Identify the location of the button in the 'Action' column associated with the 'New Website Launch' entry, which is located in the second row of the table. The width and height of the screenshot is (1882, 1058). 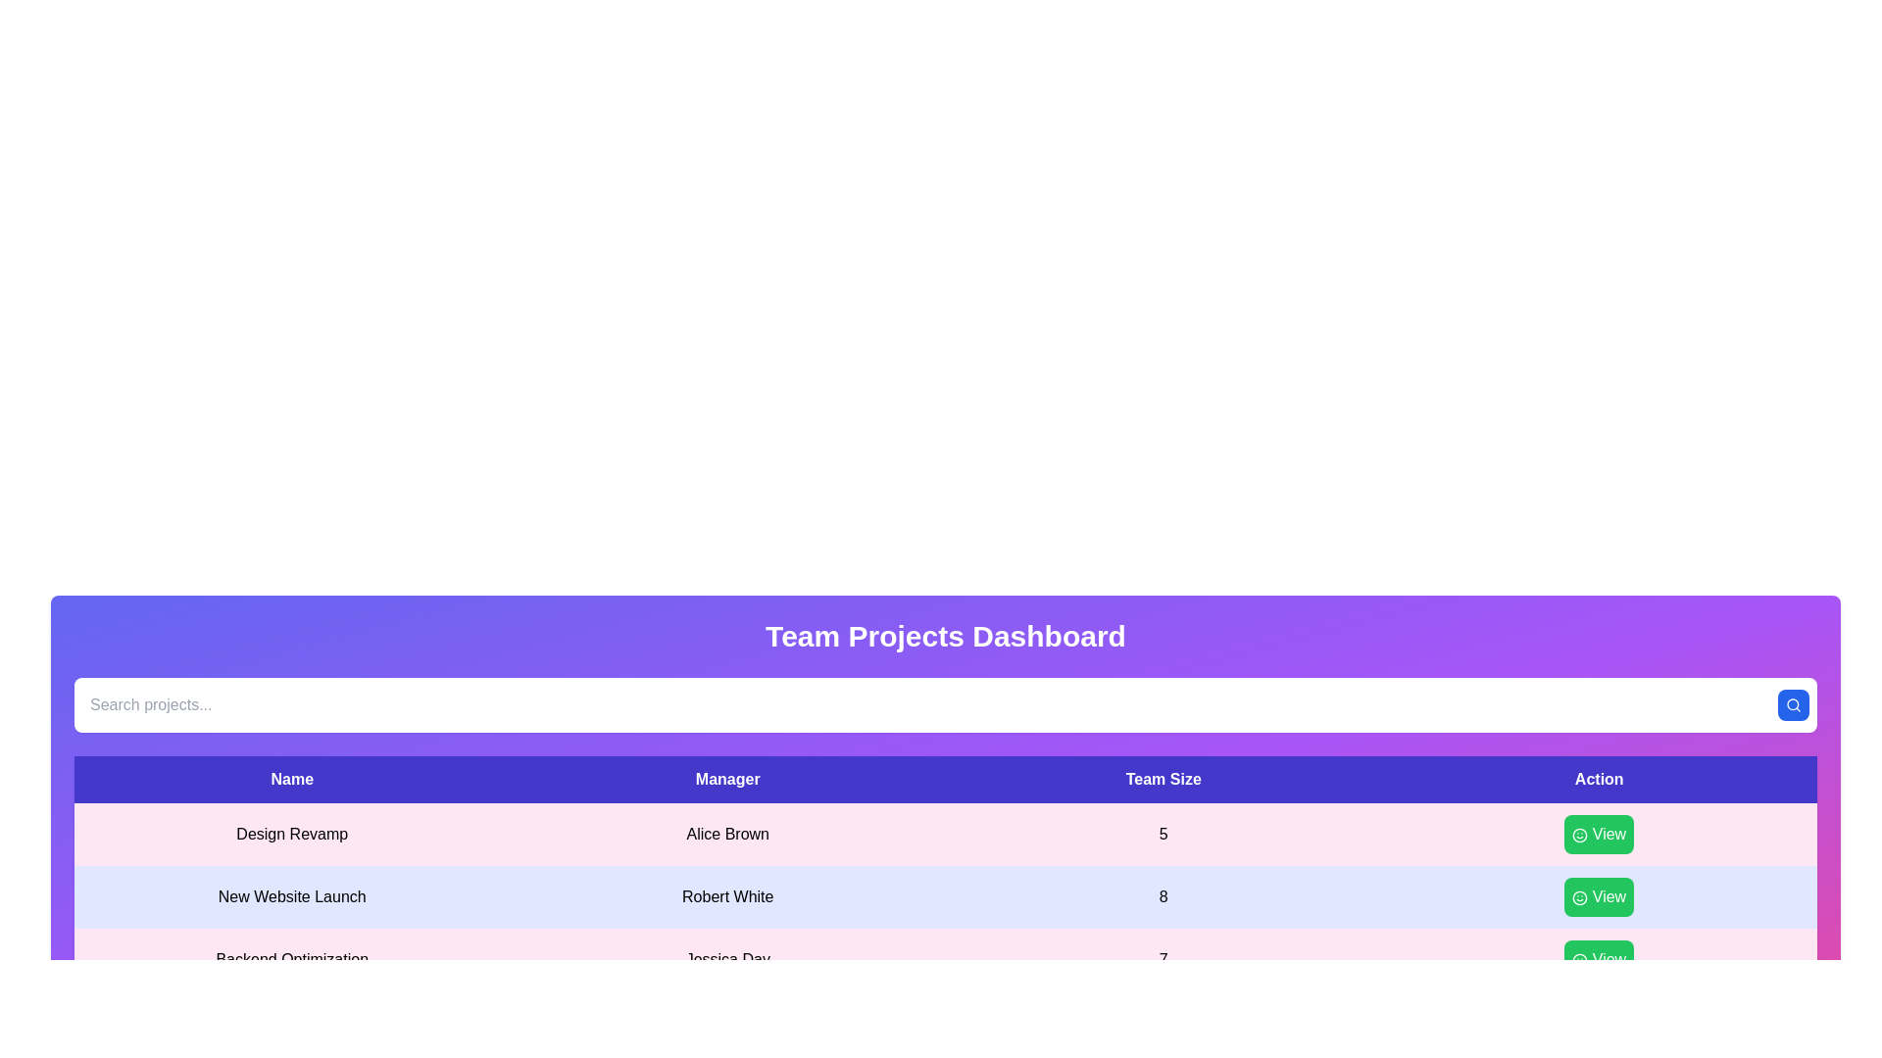
(1599, 896).